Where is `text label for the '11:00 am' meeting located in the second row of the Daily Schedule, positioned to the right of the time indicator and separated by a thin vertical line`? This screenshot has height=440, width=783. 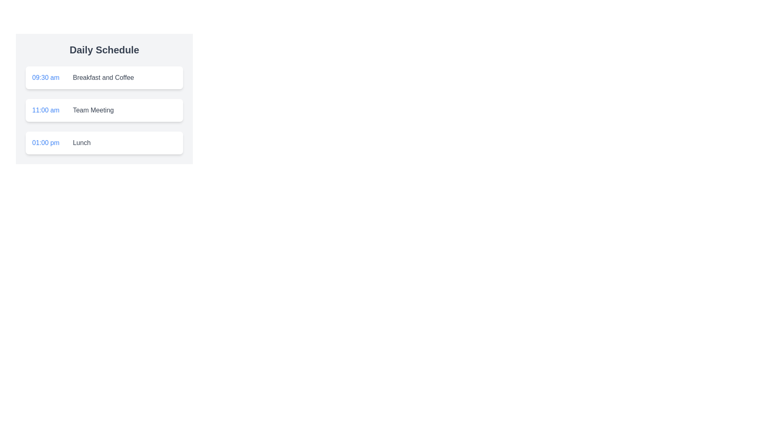 text label for the '11:00 am' meeting located in the second row of the Daily Schedule, positioned to the right of the time indicator and separated by a thin vertical line is located at coordinates (90, 110).